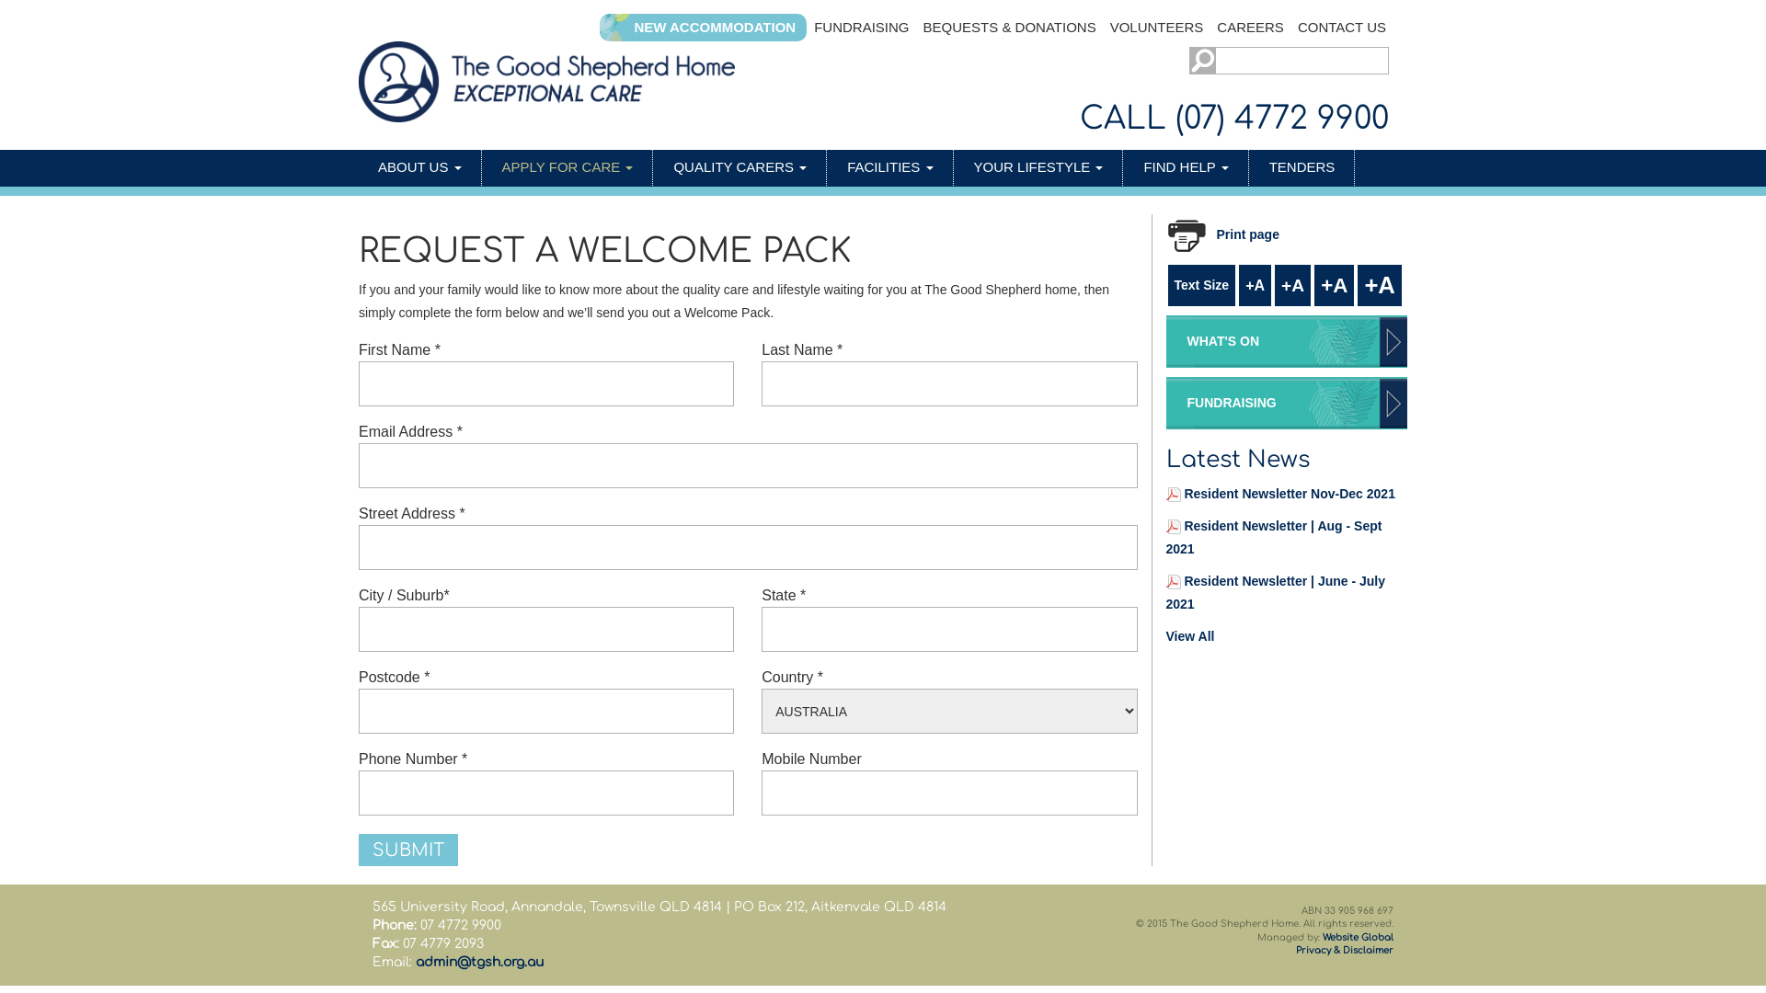 Image resolution: width=1766 pixels, height=993 pixels. I want to click on 'CAREERS', so click(1250, 28).